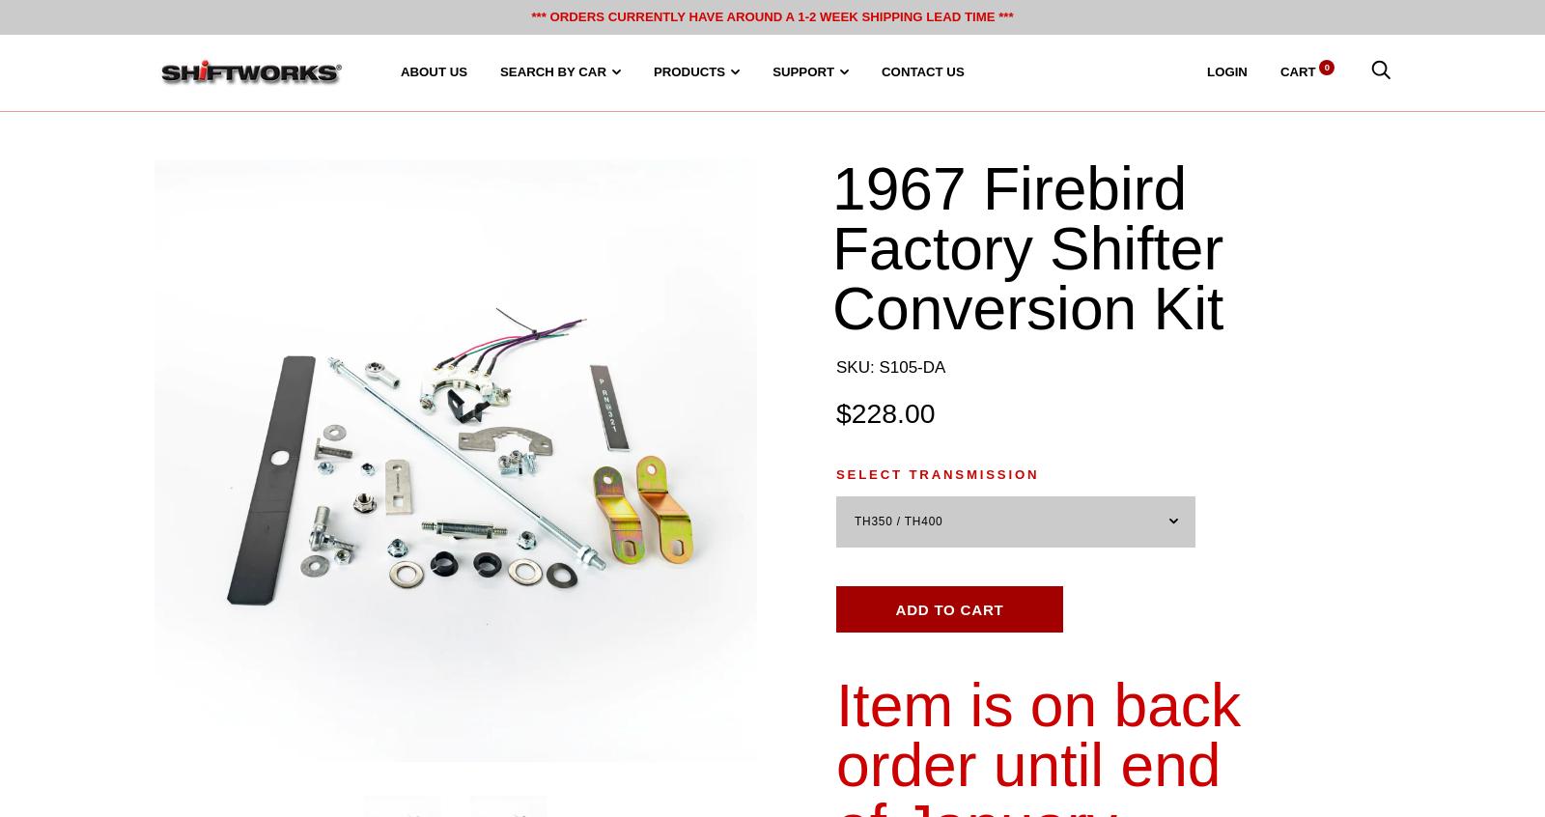 Image resolution: width=1545 pixels, height=817 pixels. I want to click on 'Support', so click(802, 71).